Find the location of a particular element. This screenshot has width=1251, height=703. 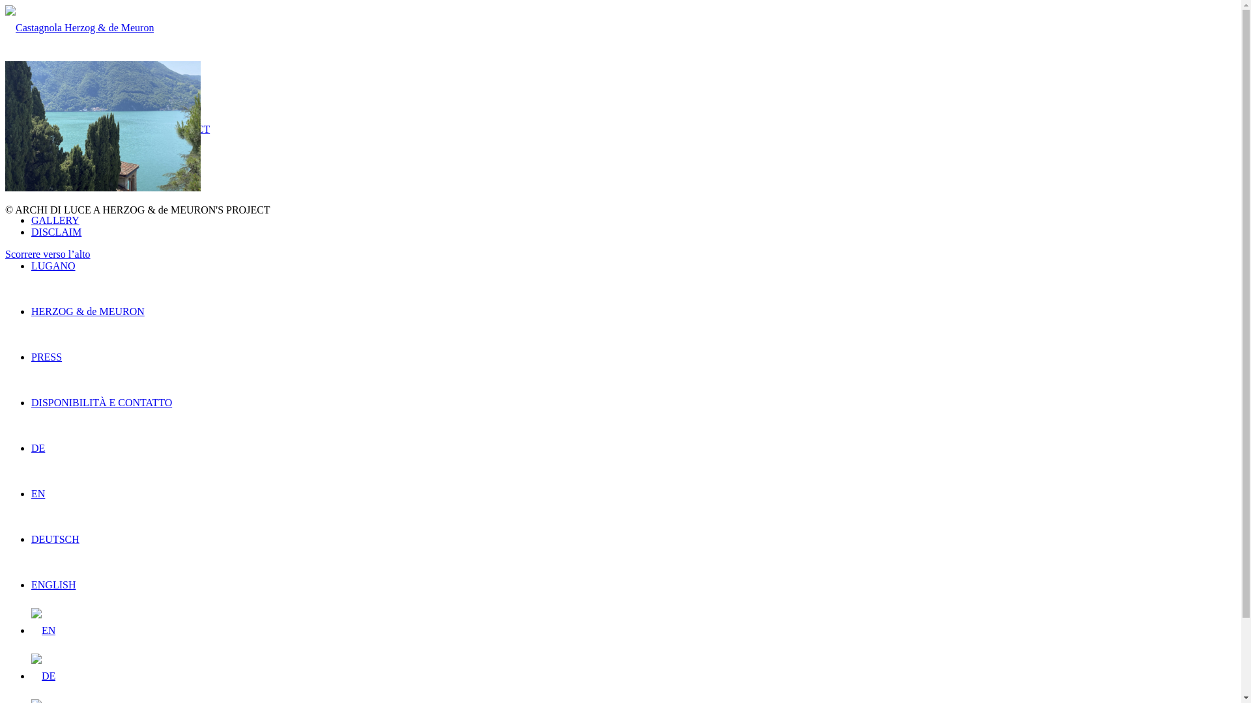

'LUGANO' is located at coordinates (52, 265).